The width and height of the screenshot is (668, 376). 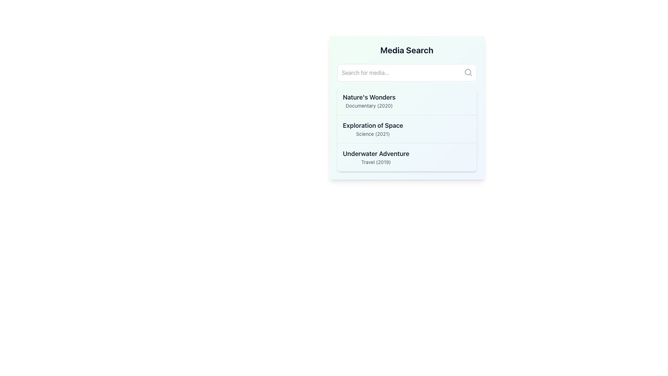 What do you see at coordinates (375, 162) in the screenshot?
I see `text element displaying 'Travel (2019)' which is positioned below the title 'Underwater Adventure' in the media listing interface` at bounding box center [375, 162].